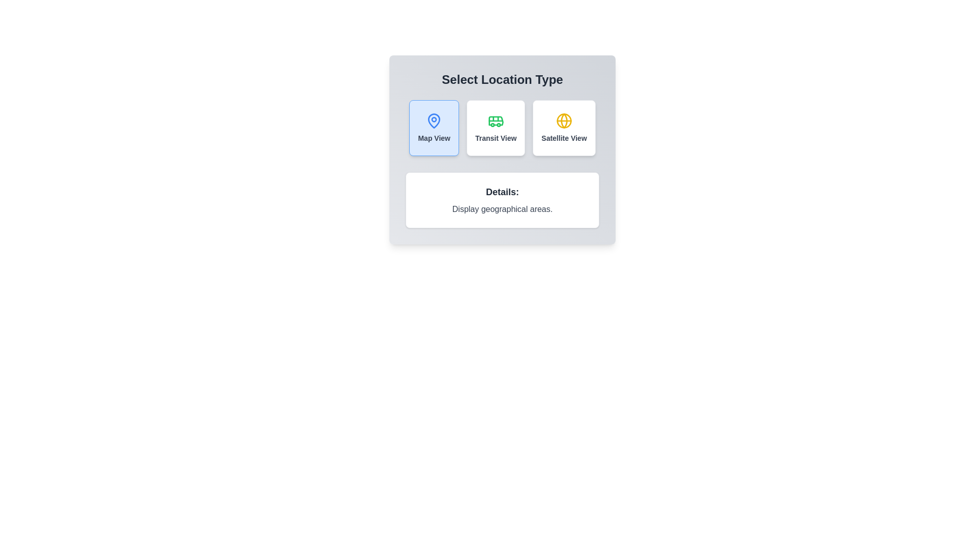  What do you see at coordinates (502, 79) in the screenshot?
I see `the text header 'Select Location Type' for visual scanning by moving the cursor to its center point` at bounding box center [502, 79].